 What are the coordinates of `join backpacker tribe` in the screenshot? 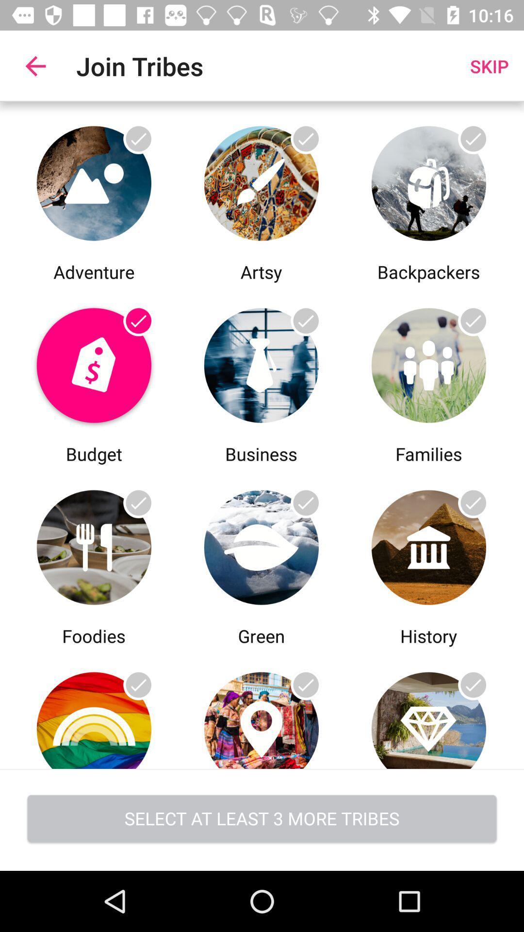 It's located at (428, 181).